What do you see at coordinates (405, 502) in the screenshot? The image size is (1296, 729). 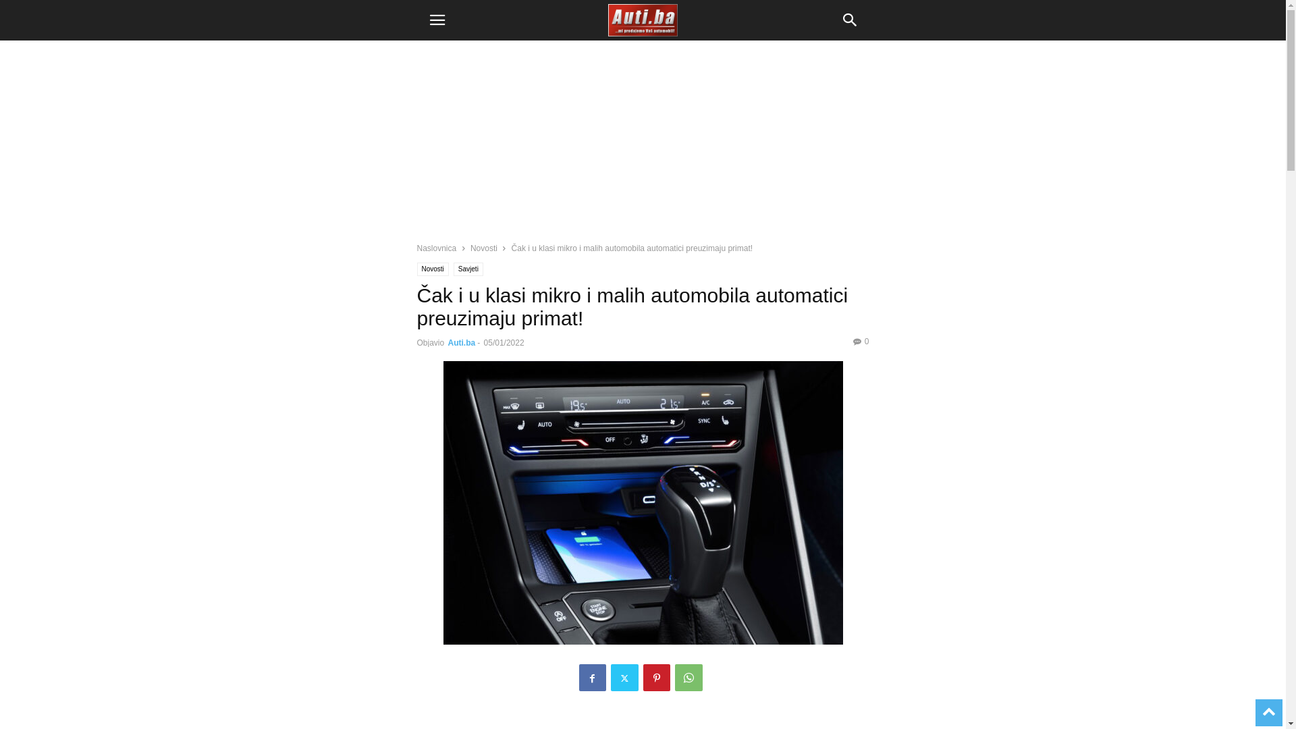 I see `'Volkswagen-Polo-2022-1024-37-592x420'` at bounding box center [405, 502].